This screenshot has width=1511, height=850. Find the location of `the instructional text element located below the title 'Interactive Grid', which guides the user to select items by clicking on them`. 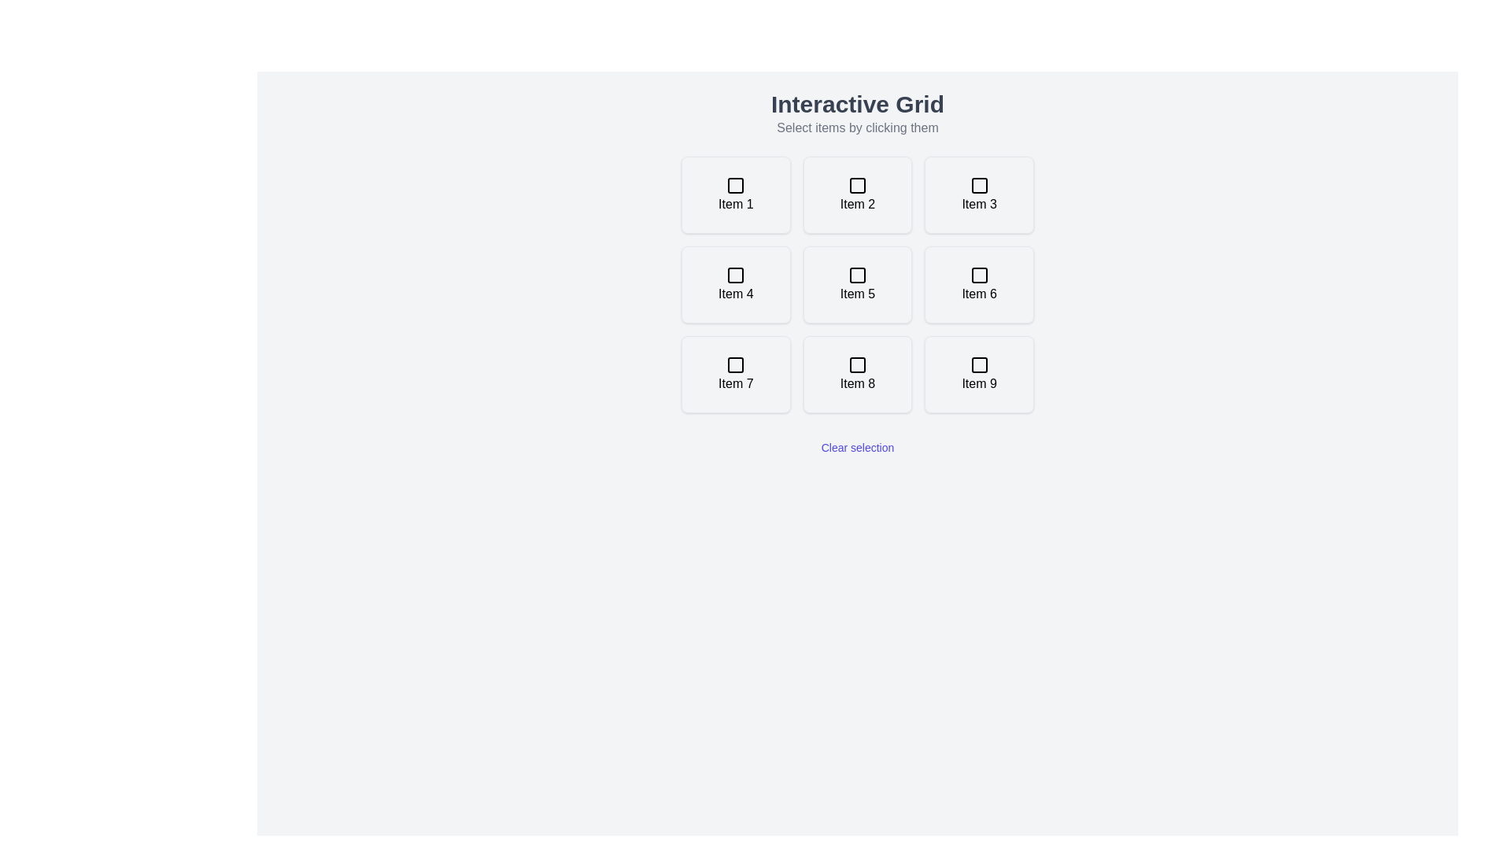

the instructional text element located below the title 'Interactive Grid', which guides the user to select items by clicking on them is located at coordinates (856, 127).